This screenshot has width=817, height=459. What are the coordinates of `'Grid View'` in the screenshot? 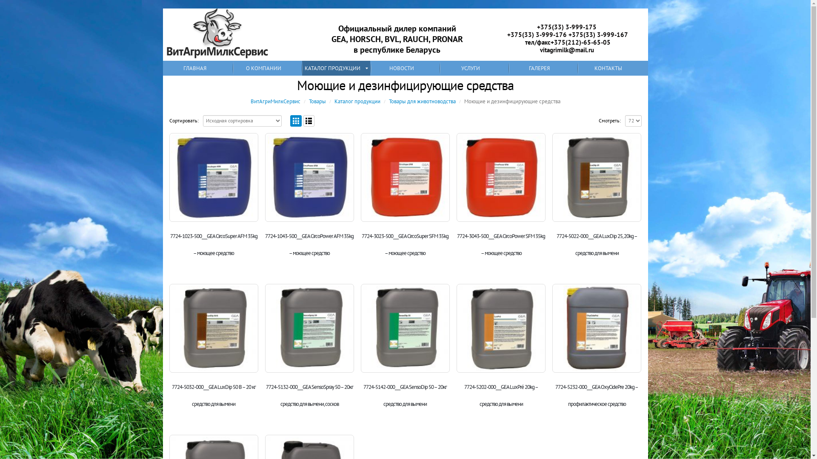 It's located at (290, 121).